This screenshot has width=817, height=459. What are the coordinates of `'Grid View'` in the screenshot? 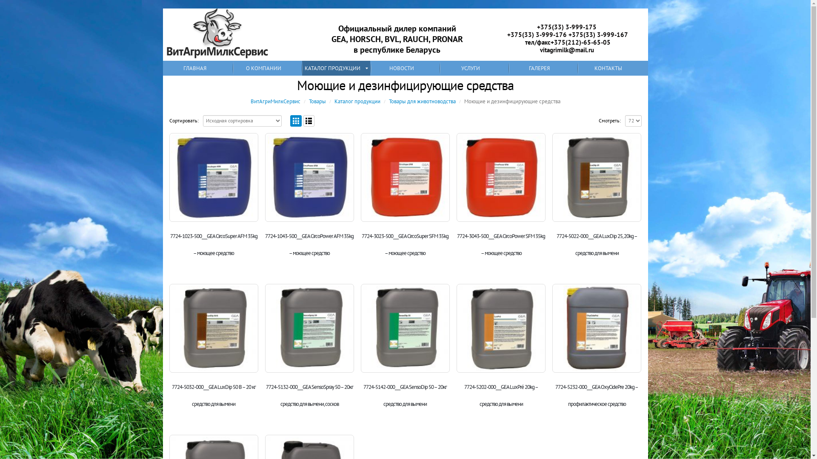 It's located at (290, 121).